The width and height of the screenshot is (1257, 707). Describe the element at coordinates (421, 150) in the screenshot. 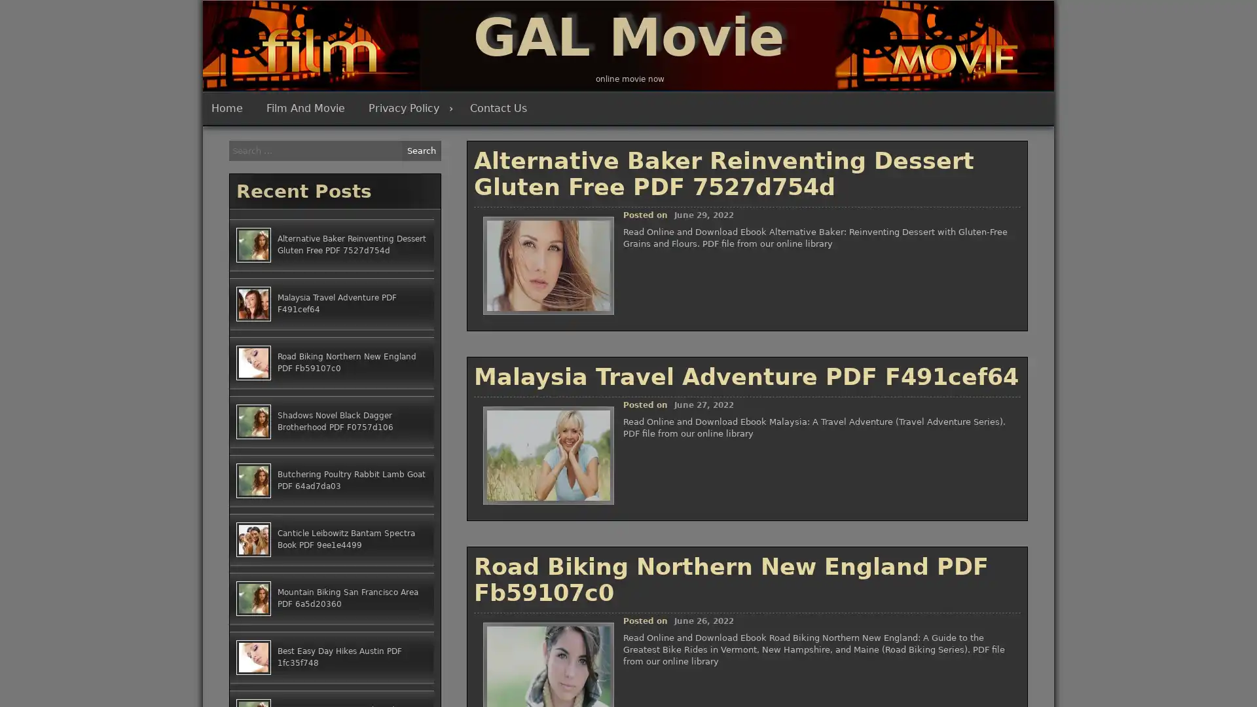

I see `Search` at that location.